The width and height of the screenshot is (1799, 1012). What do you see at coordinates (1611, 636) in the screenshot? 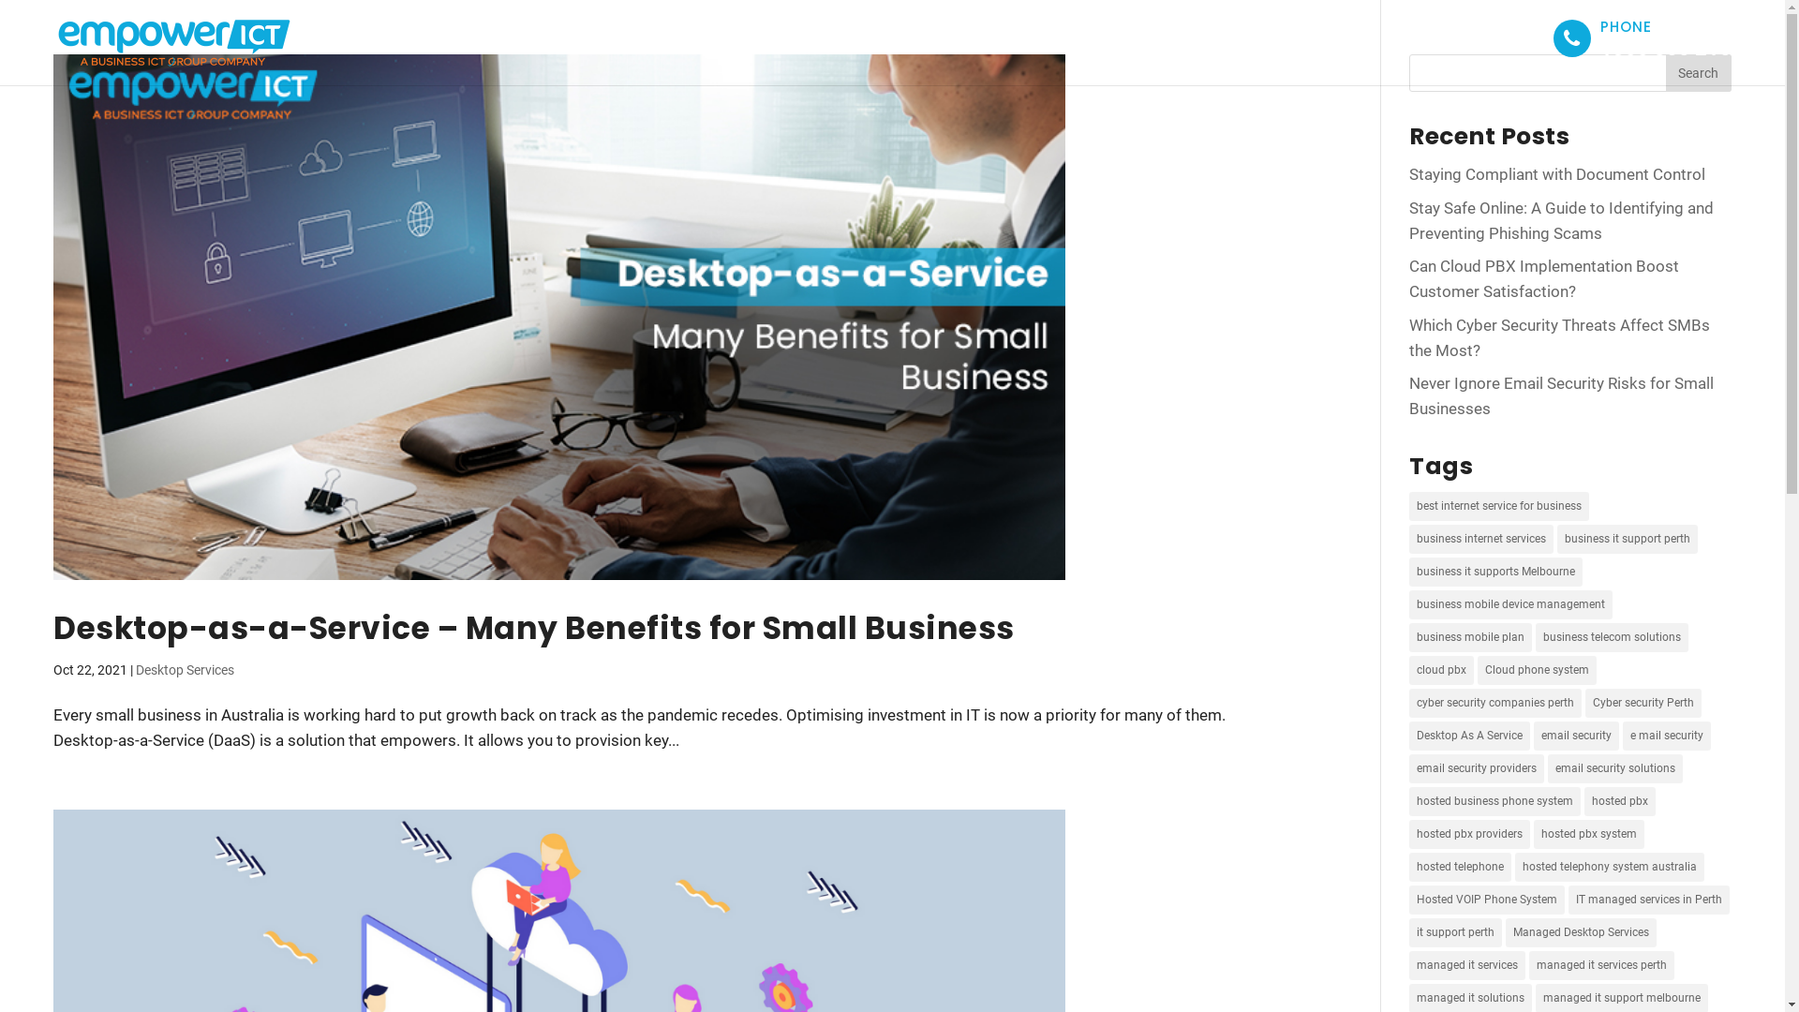
I see `'business telecom solutions'` at bounding box center [1611, 636].